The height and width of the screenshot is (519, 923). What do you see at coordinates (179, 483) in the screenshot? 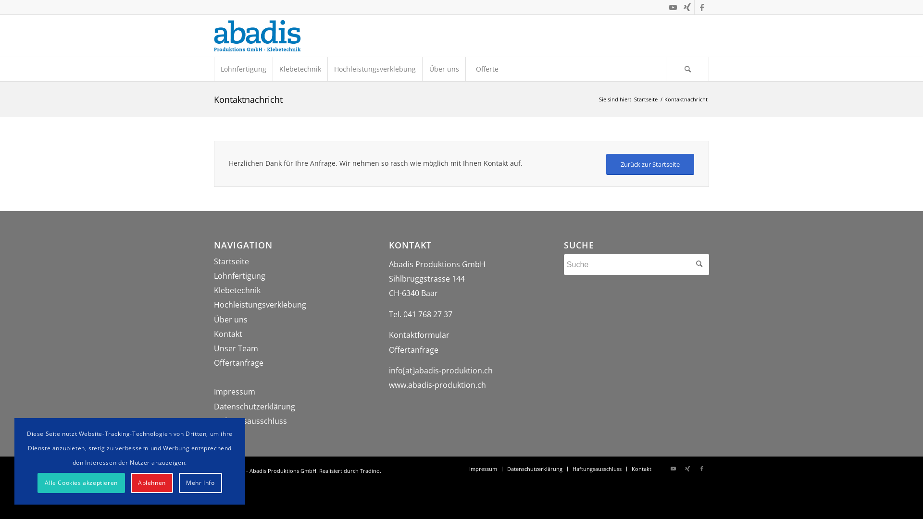
I see `'Mehr Info'` at bounding box center [179, 483].